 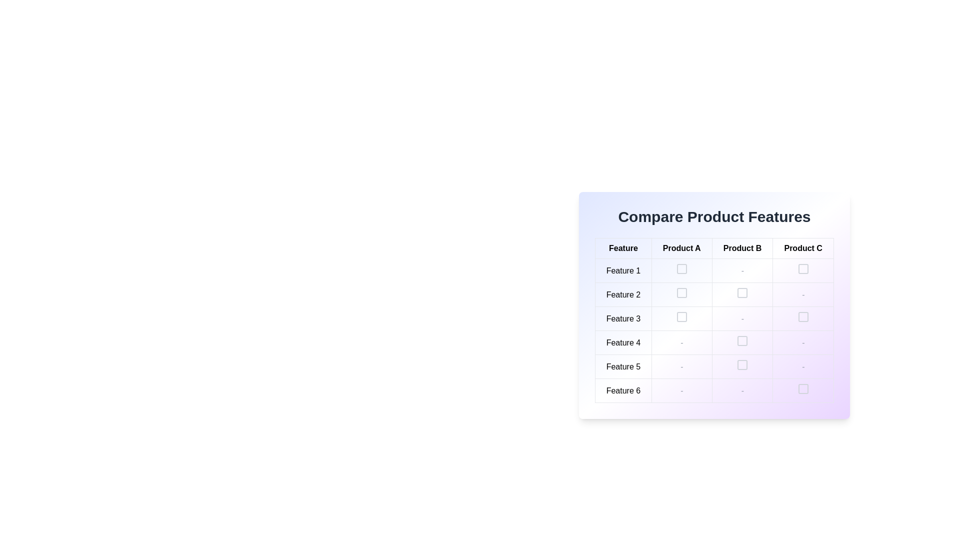 I want to click on the checkbox located in the first row and second column of the 'Compare Product Features' grid under 'Product A' and 'Feature 1', so click(x=681, y=268).